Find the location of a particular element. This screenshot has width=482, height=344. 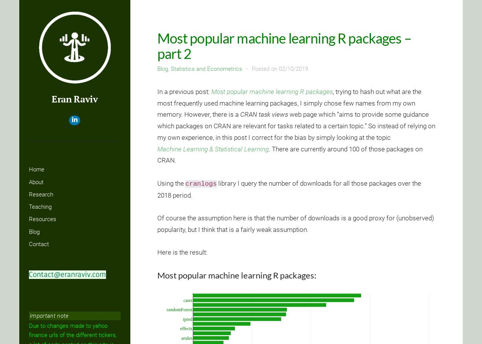

'library I query the number of downloads for all those packages over the 2018 period.' is located at coordinates (288, 188).